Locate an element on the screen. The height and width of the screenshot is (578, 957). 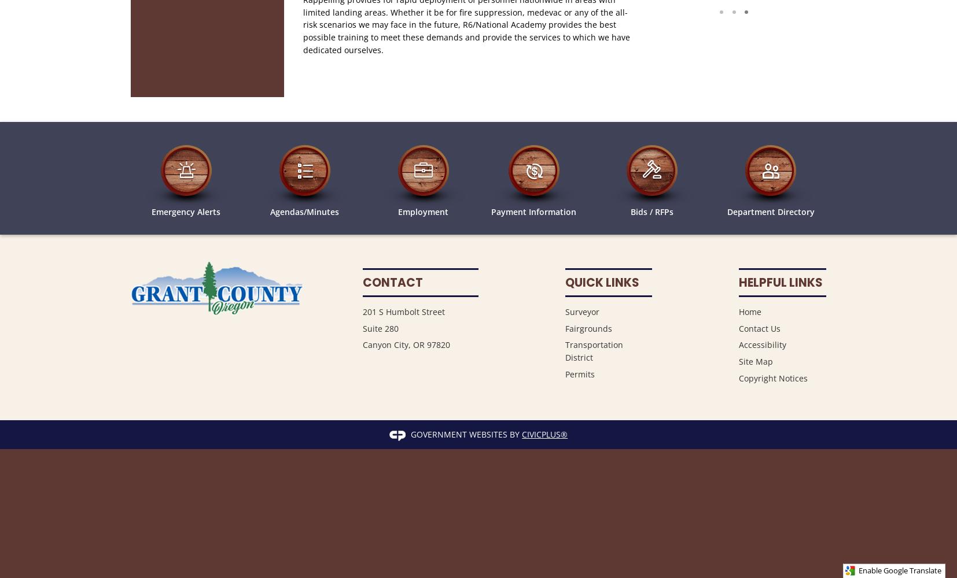
'Contact Us' is located at coordinates (759, 327).